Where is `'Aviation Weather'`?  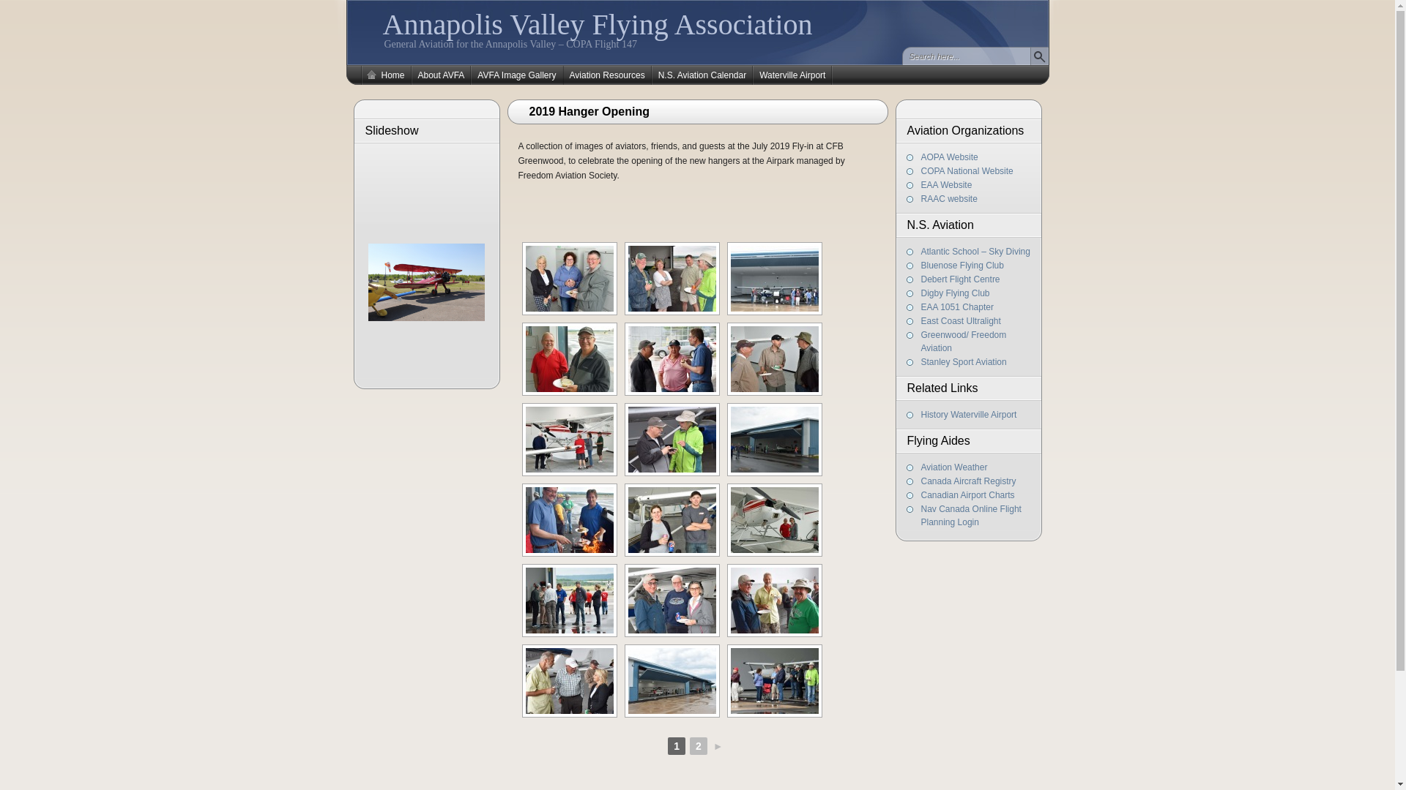
'Aviation Weather' is located at coordinates (920, 467).